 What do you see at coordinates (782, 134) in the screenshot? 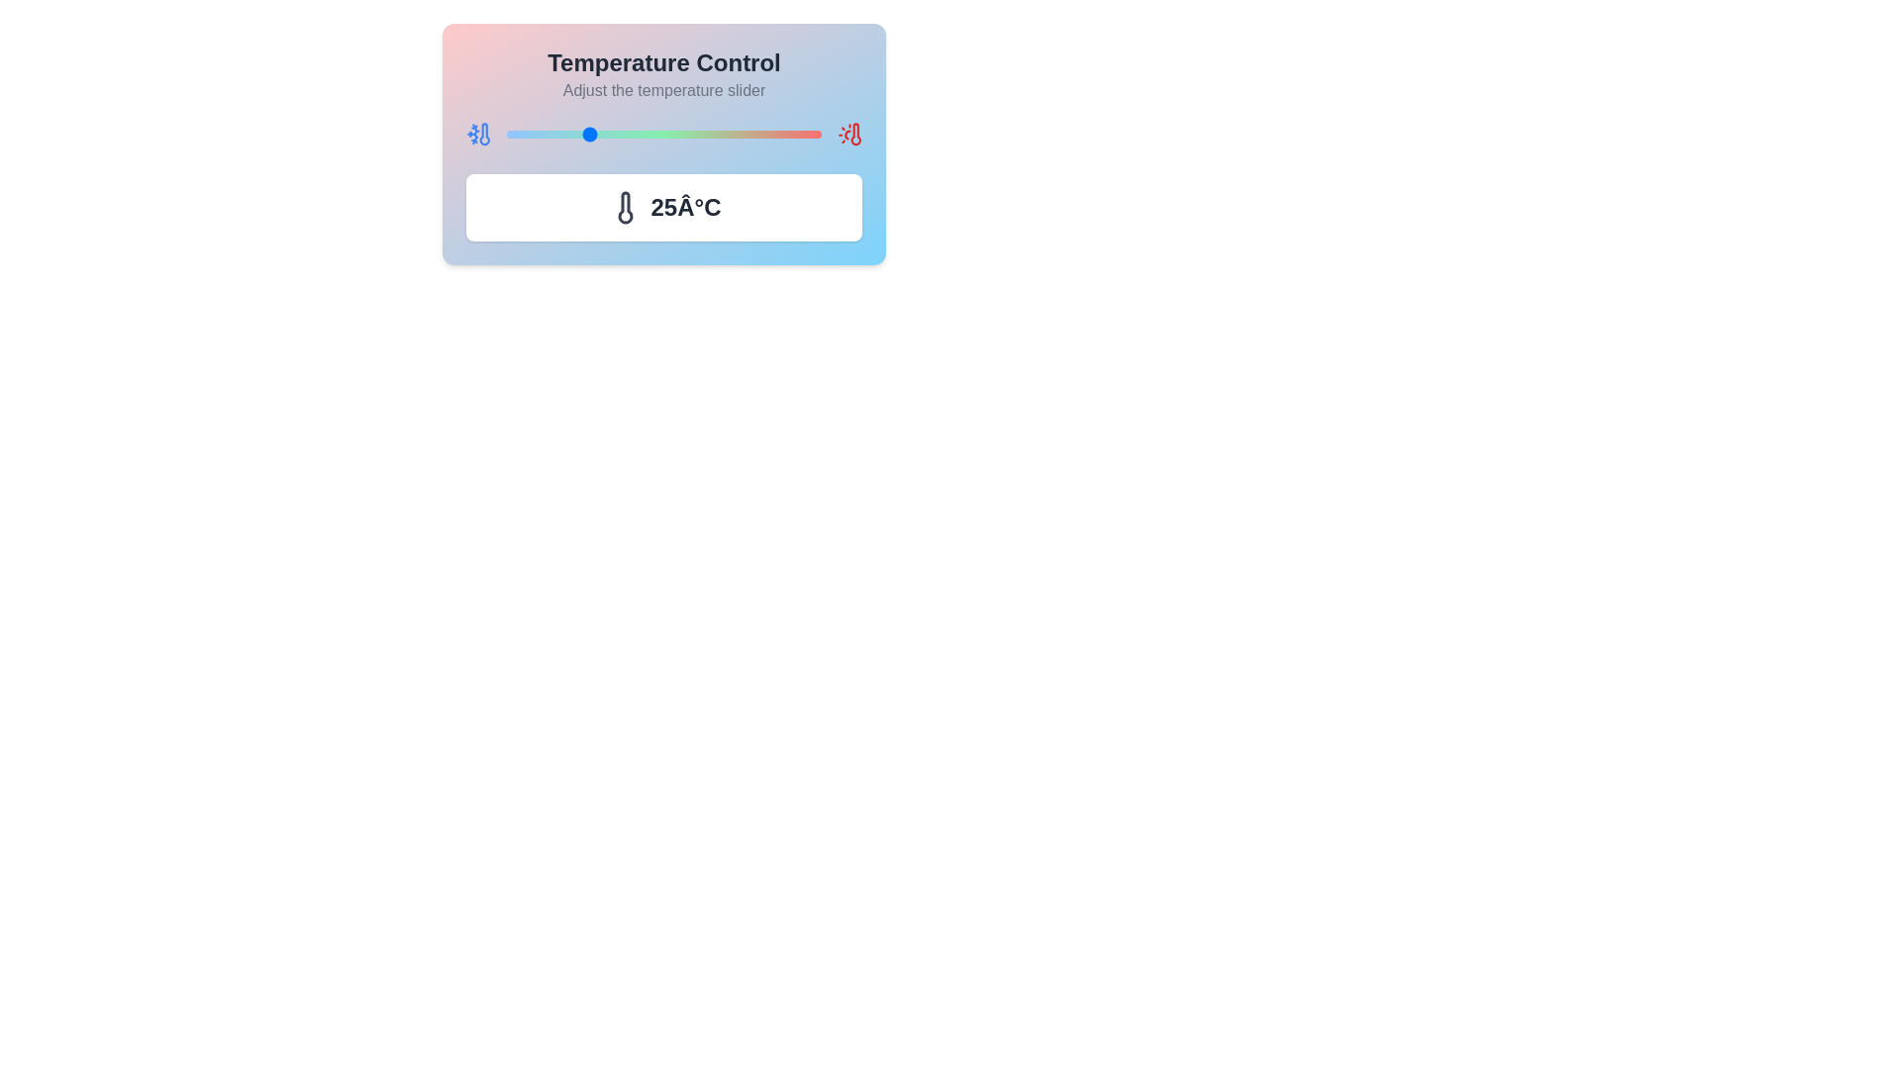
I see `the temperature to 88°C by adjusting the slider` at bounding box center [782, 134].